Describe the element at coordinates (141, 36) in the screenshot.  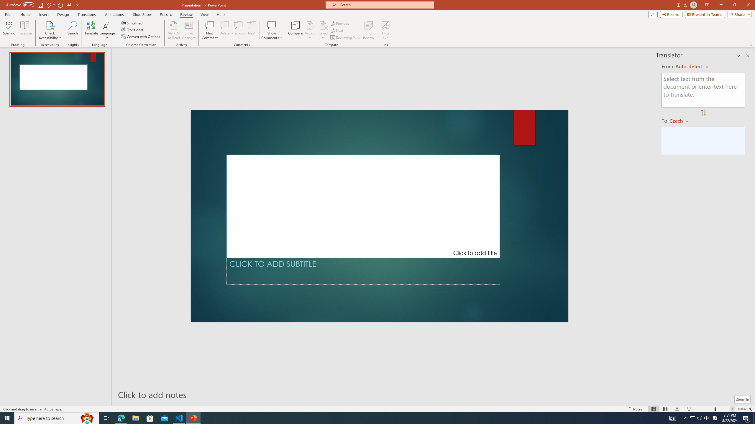
I see `'Convert with Options...'` at that location.